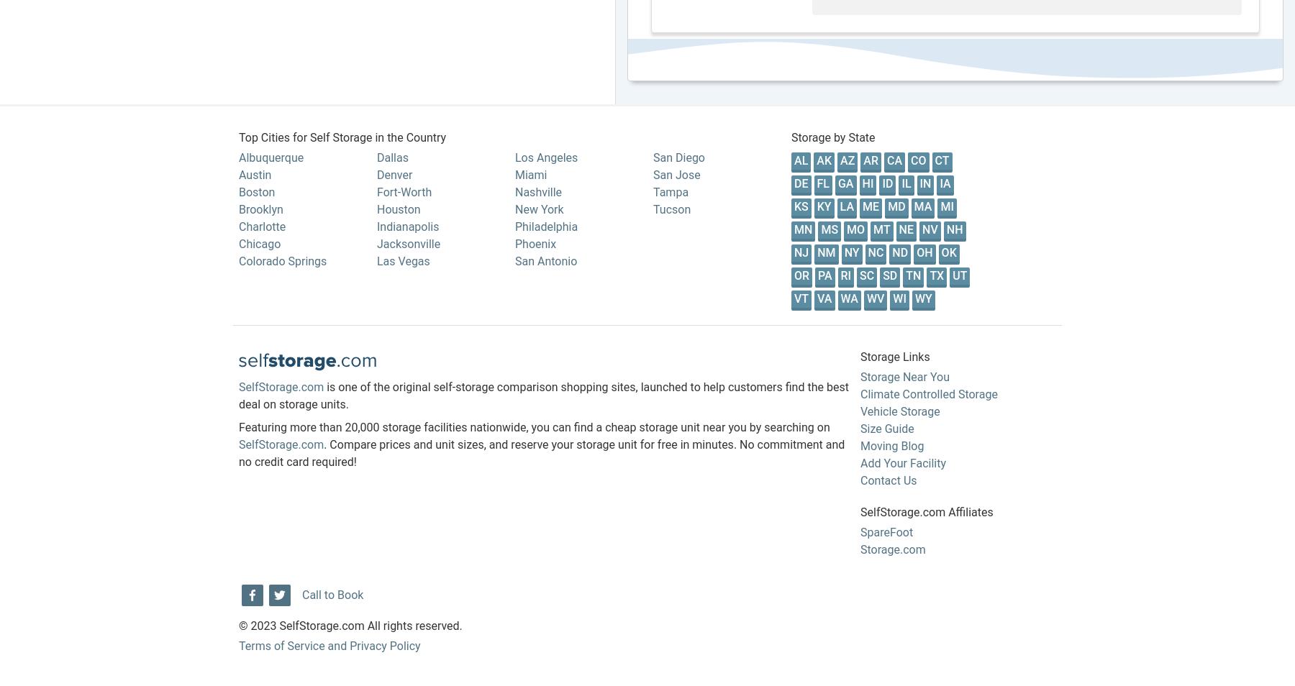 This screenshot has height=686, width=1295. Describe the element at coordinates (237, 174) in the screenshot. I see `'Austin'` at that location.